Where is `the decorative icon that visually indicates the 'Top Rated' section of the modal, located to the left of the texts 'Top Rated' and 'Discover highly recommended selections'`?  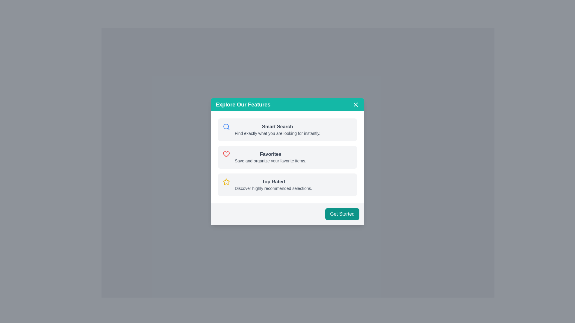 the decorative icon that visually indicates the 'Top Rated' section of the modal, located to the left of the texts 'Top Rated' and 'Discover highly recommended selections' is located at coordinates (226, 182).